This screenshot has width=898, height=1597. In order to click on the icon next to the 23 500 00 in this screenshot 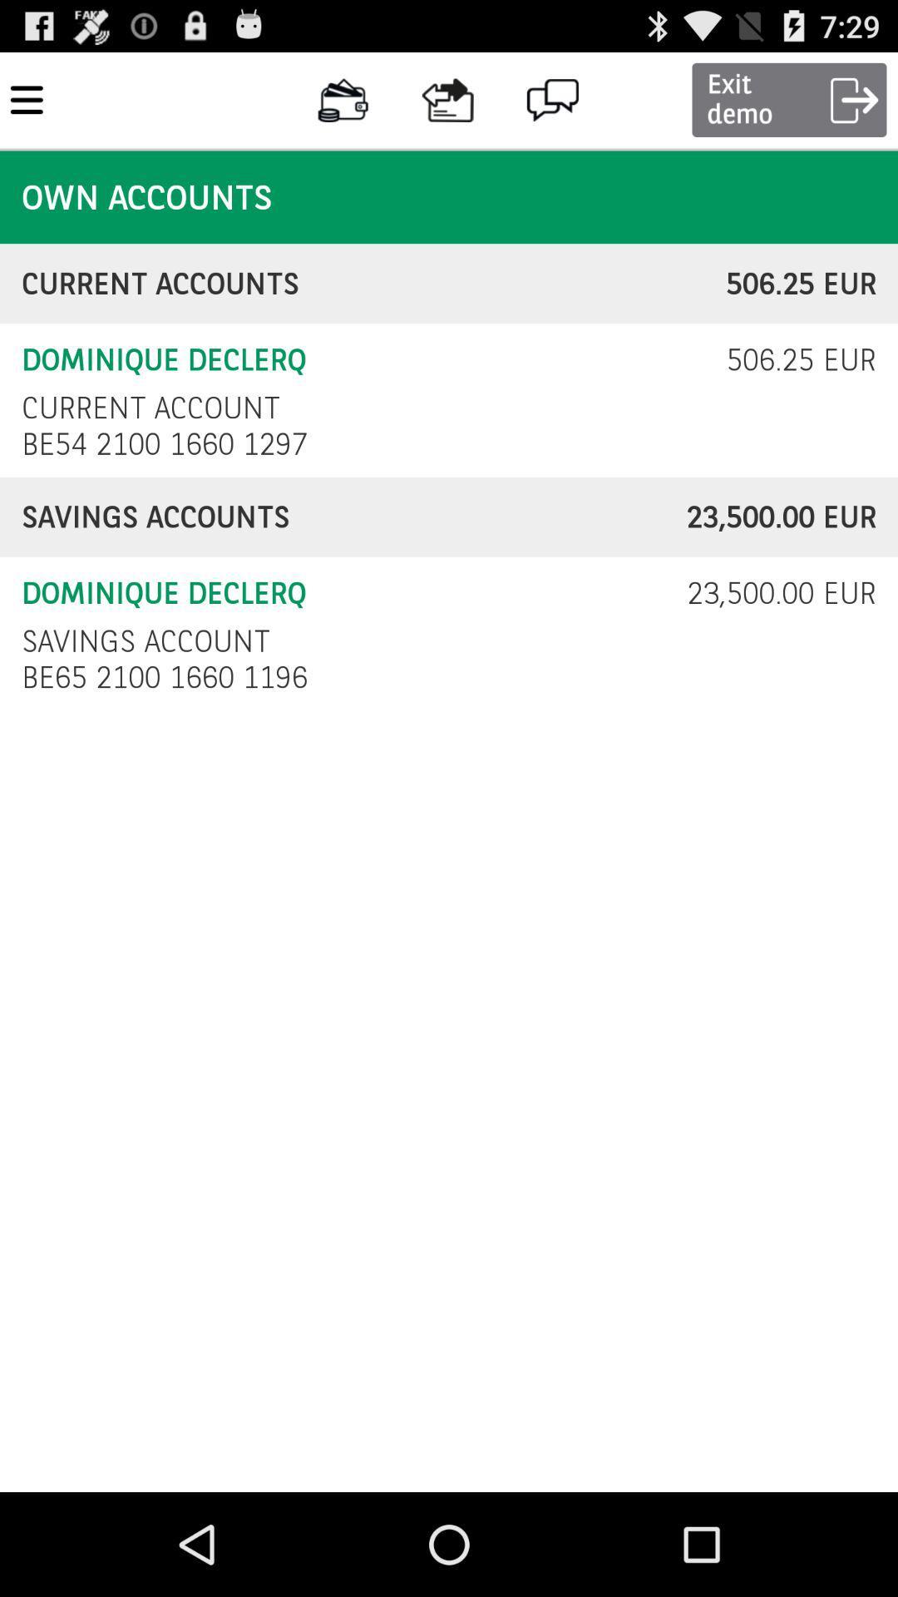, I will do `click(145, 640)`.